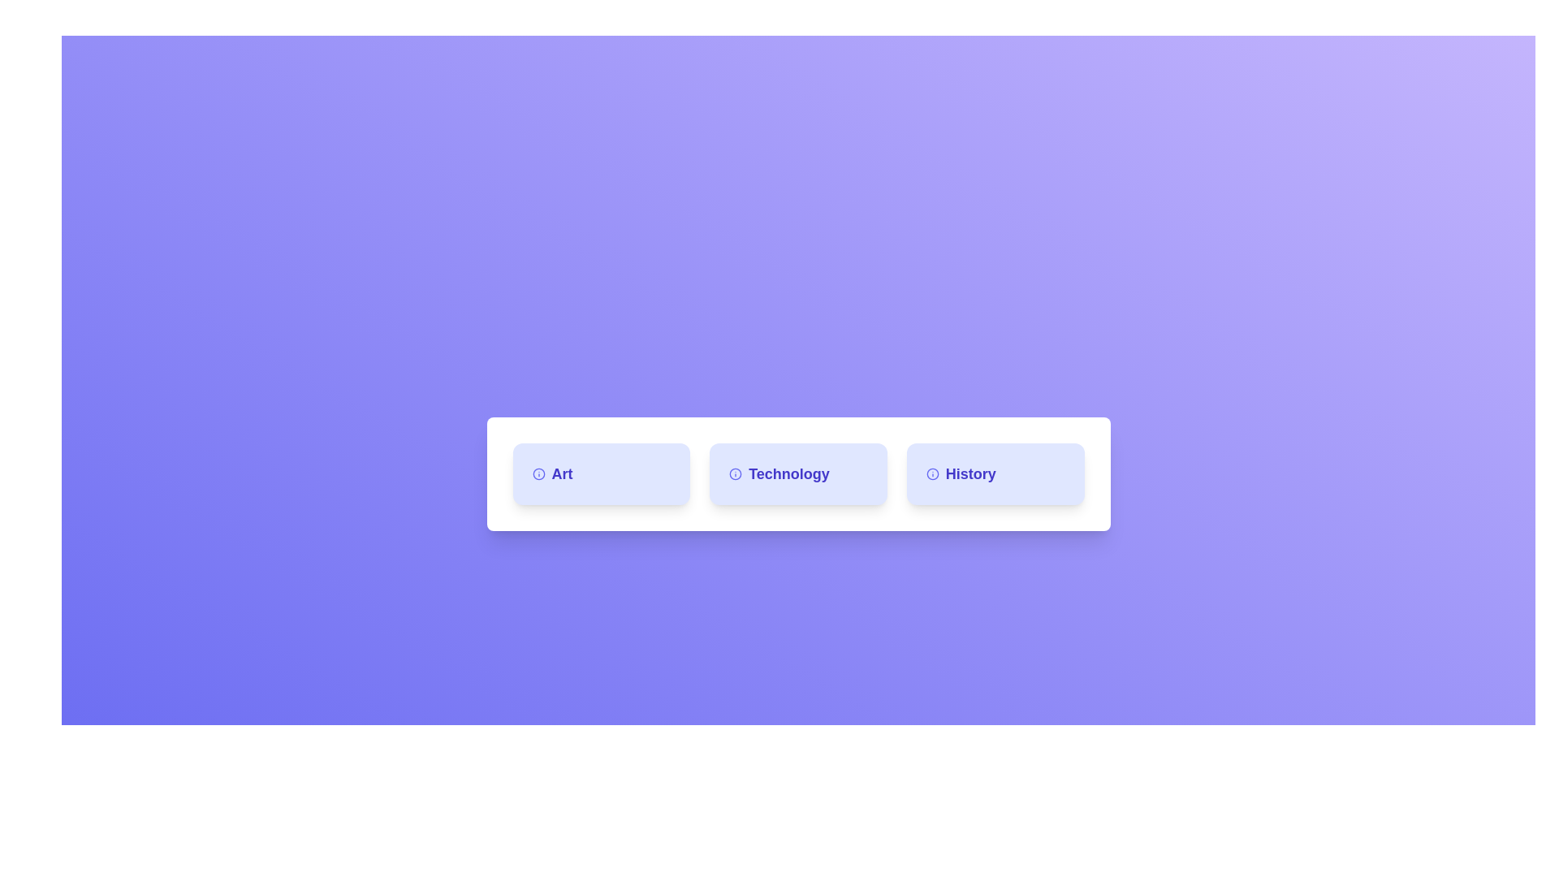 This screenshot has height=877, width=1559. What do you see at coordinates (798, 473) in the screenshot?
I see `the second card in the grid layout that represents the 'Technology' category, positioned between the 'Art' and 'History' cards` at bounding box center [798, 473].